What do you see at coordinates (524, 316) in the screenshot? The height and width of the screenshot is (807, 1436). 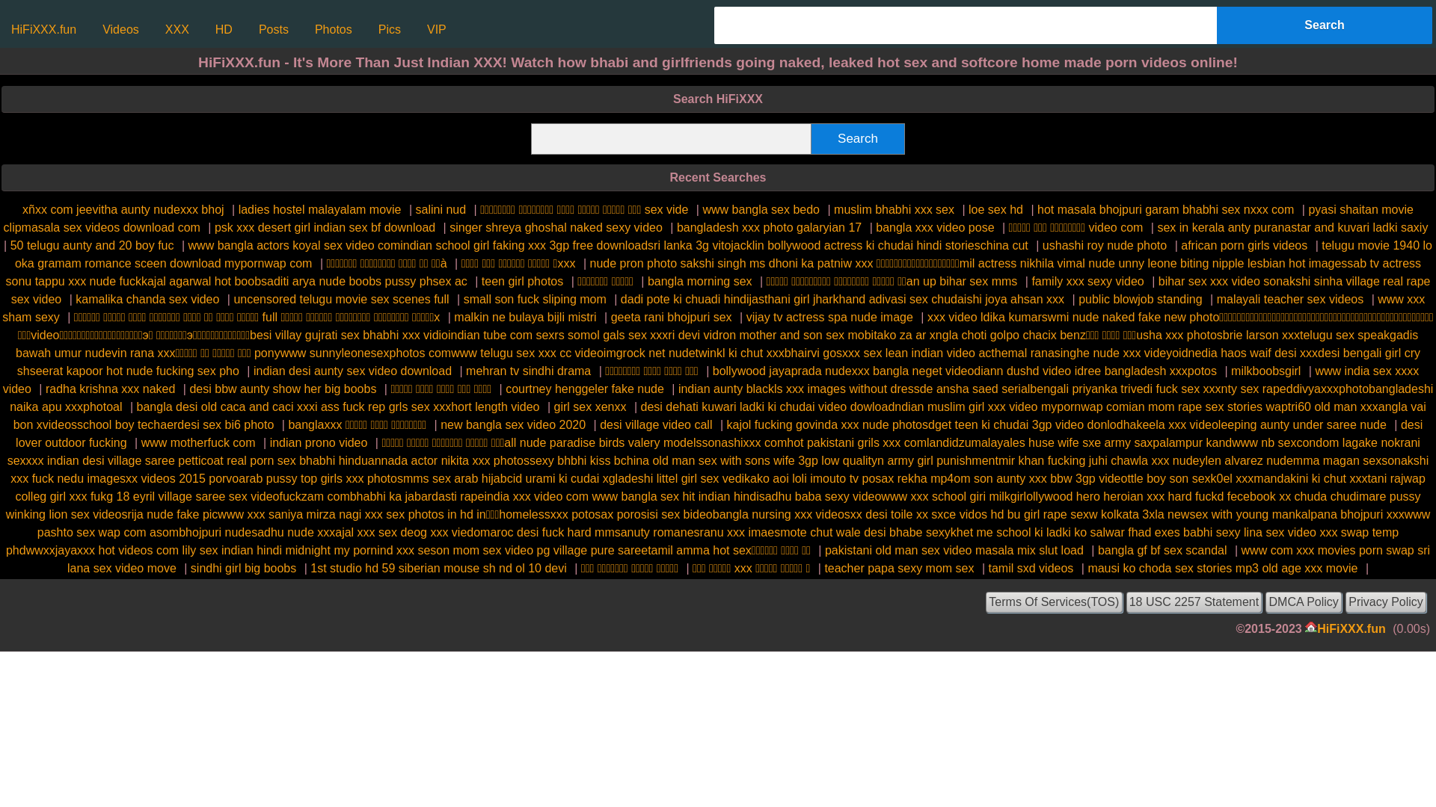 I see `'malkin ne bulaya bijli mistri'` at bounding box center [524, 316].